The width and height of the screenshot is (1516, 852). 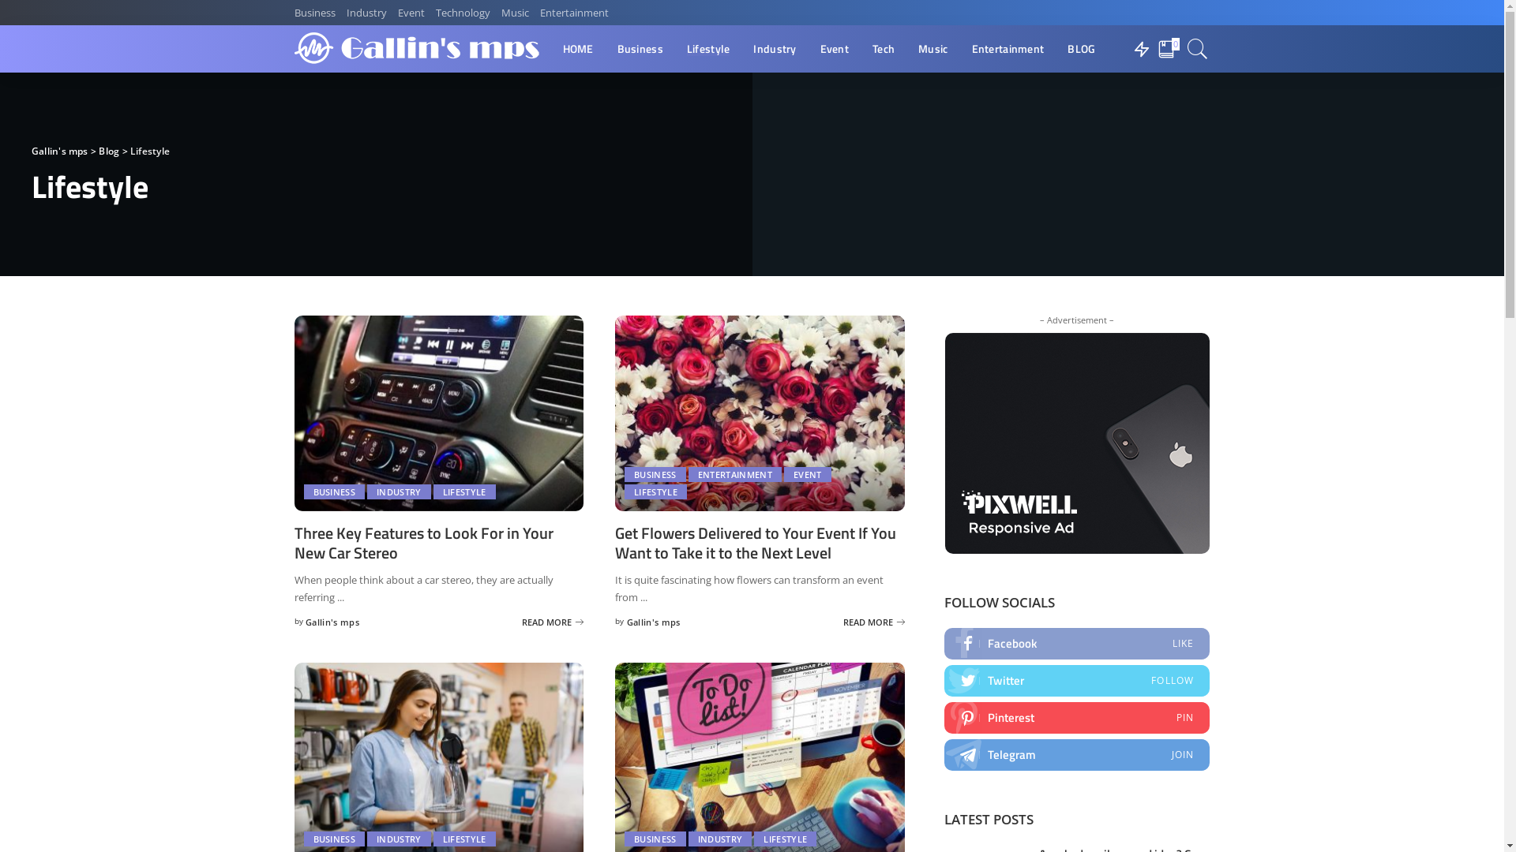 I want to click on 'Music', so click(x=495, y=13).